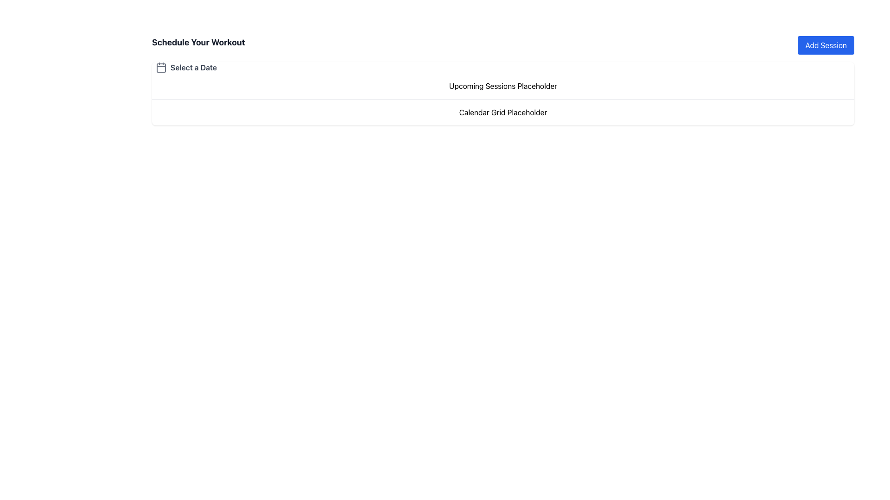 The width and height of the screenshot is (890, 500). Describe the element at coordinates (161, 67) in the screenshot. I see `the inner rectangle of the calendar icon, which is located to the left of the 'Select a Date' text` at that location.